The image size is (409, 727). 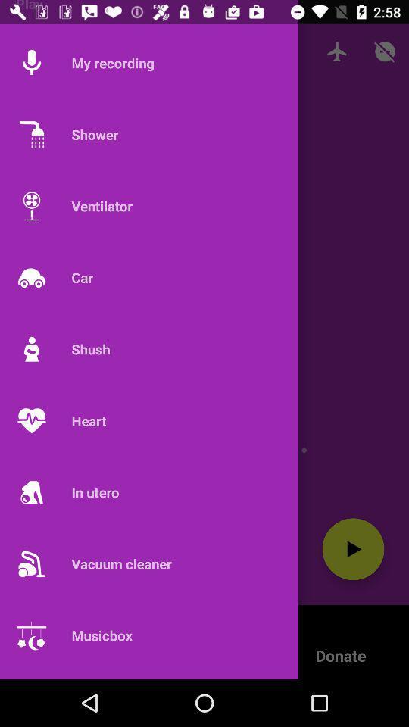 I want to click on the play icon, so click(x=353, y=548).